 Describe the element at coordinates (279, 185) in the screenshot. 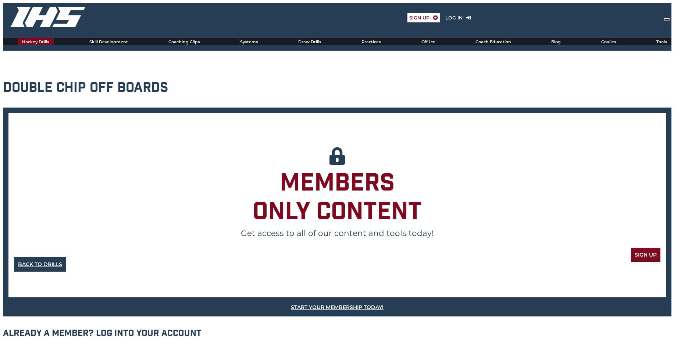

I see `'Members'` at that location.